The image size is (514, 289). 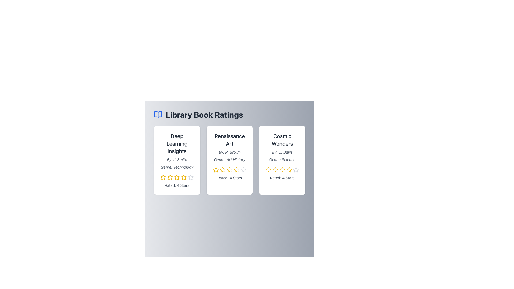 What do you see at coordinates (236, 170) in the screenshot?
I see `the fifth star icon in the rating system for the book 'Renaissance Art' to set a rating of five stars` at bounding box center [236, 170].